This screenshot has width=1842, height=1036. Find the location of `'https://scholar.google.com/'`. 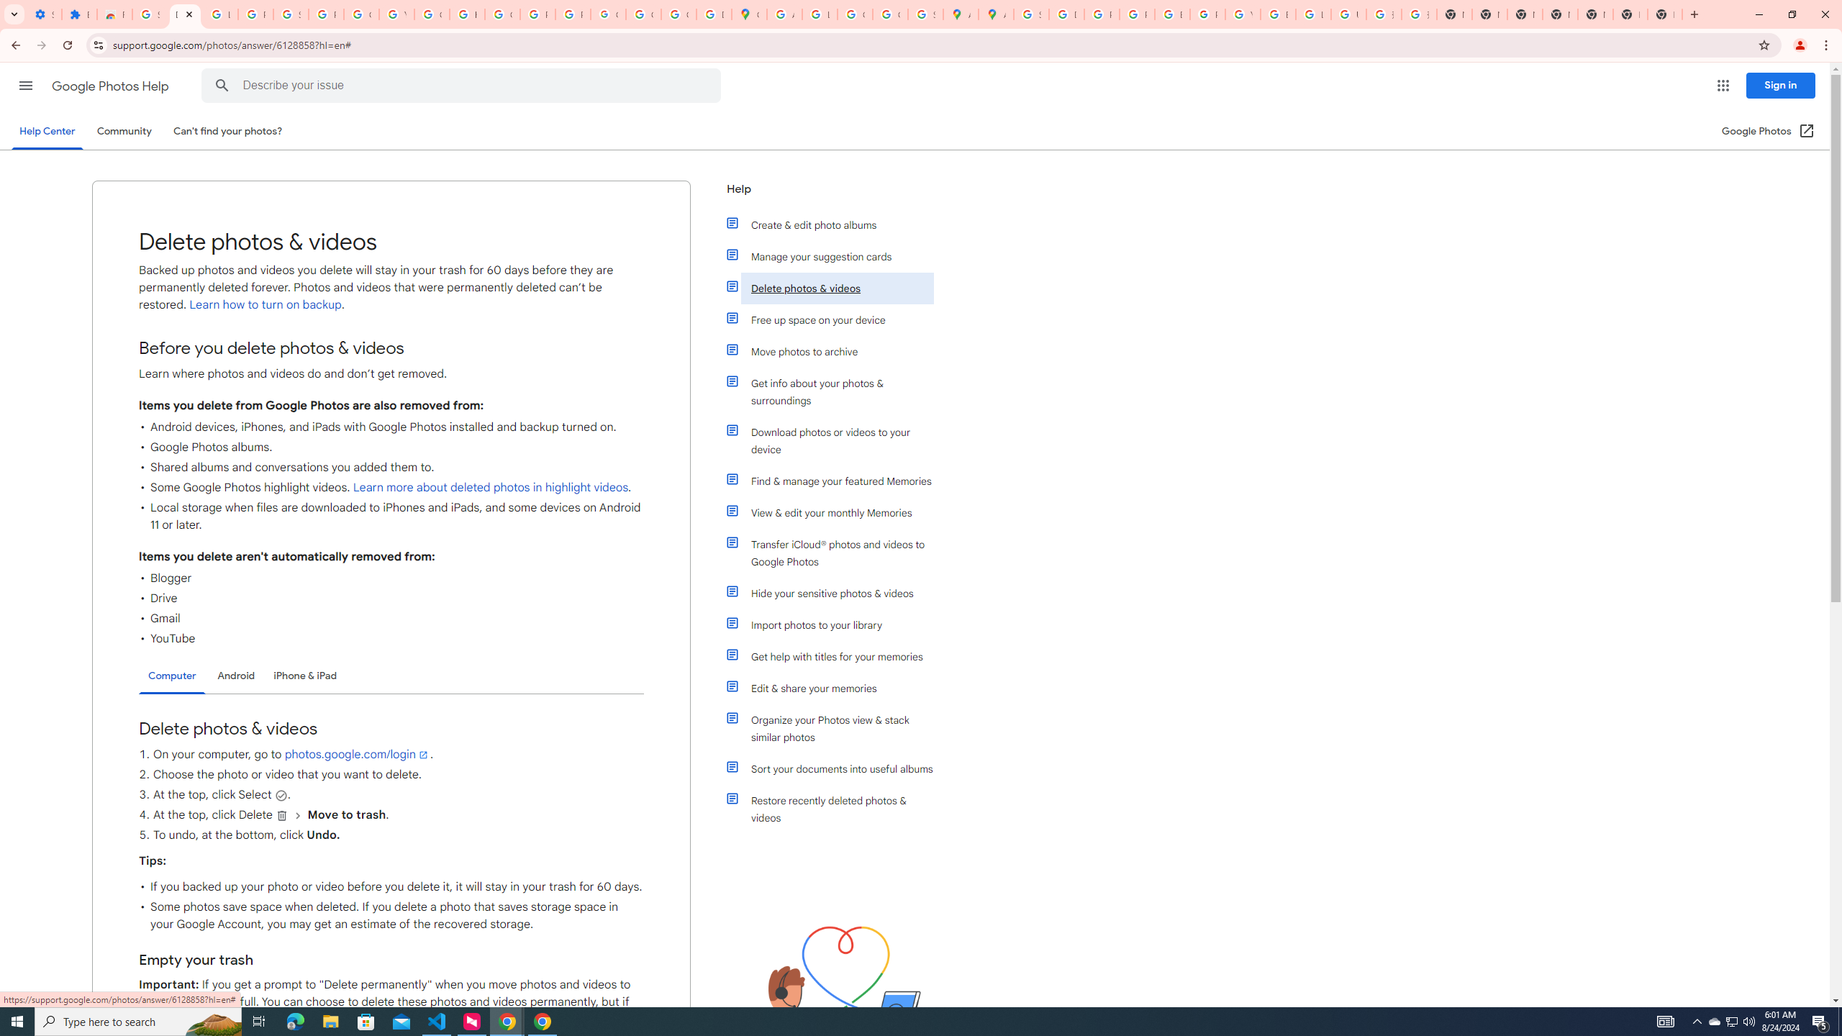

'https://scholar.google.com/' is located at coordinates (467, 14).